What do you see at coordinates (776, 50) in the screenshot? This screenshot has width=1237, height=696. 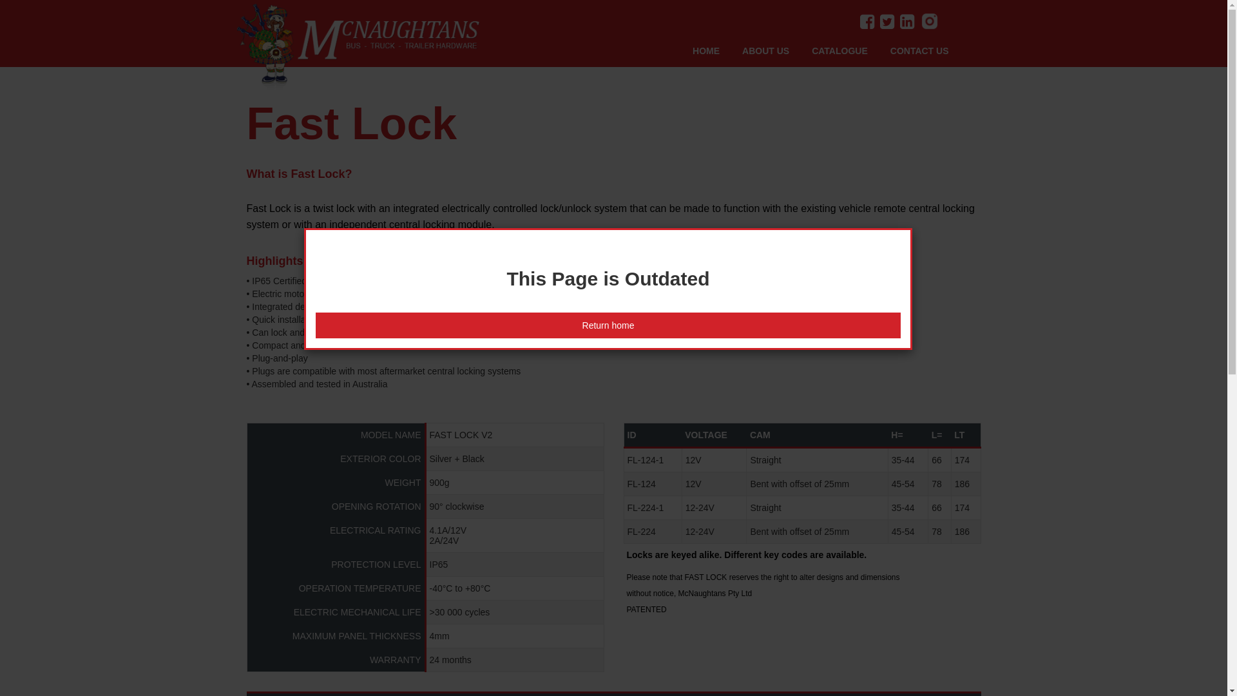 I see `'ABOUT US'` at bounding box center [776, 50].